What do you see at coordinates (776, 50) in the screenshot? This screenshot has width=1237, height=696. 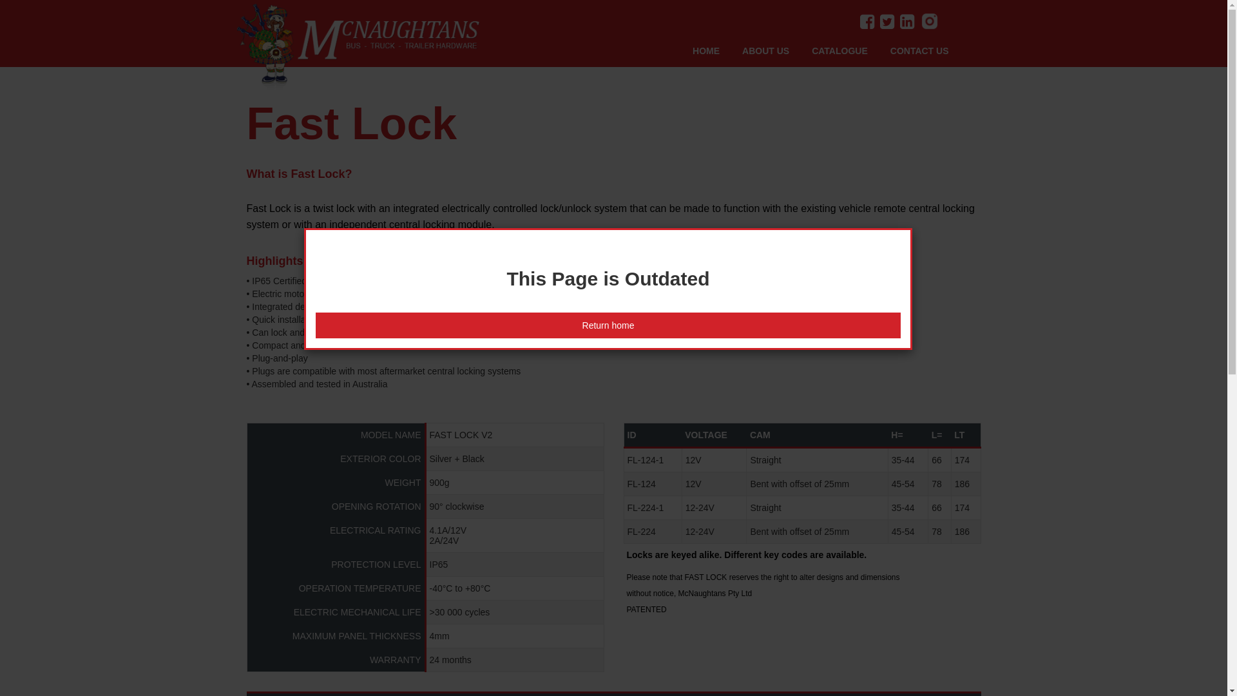 I see `'ABOUT US'` at bounding box center [776, 50].